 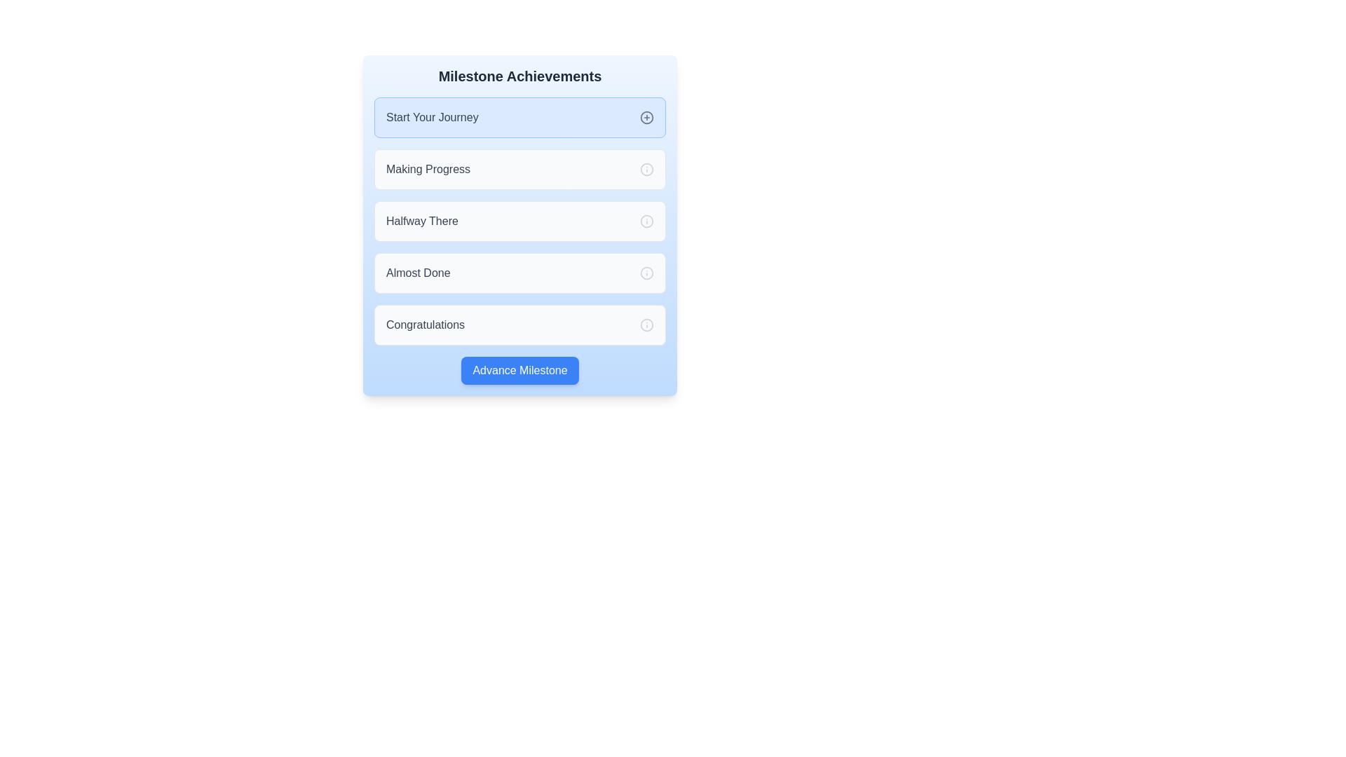 What do you see at coordinates (646, 169) in the screenshot?
I see `the gray circular shape in the 'Making Progress' milestone row of the SVG graphic, which serves as an informational icon` at bounding box center [646, 169].